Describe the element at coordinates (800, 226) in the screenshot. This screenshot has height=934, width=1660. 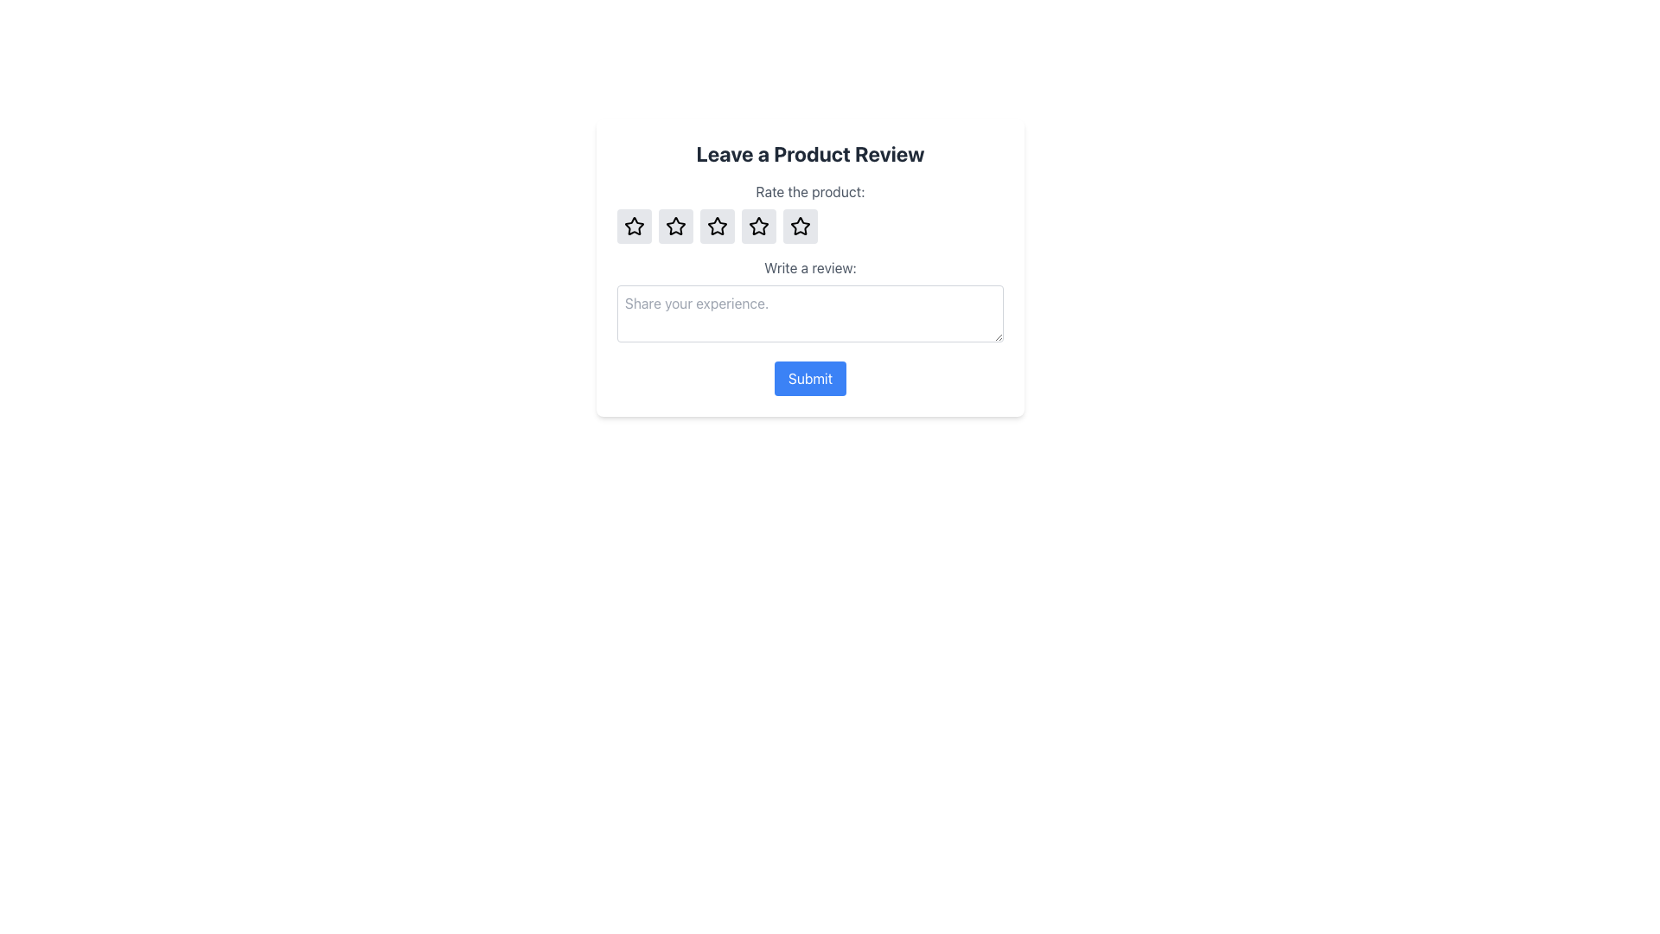
I see `the fourth star rating button located beneath the 'Rate the product' text in the 'Leave a Product Review' section` at that location.